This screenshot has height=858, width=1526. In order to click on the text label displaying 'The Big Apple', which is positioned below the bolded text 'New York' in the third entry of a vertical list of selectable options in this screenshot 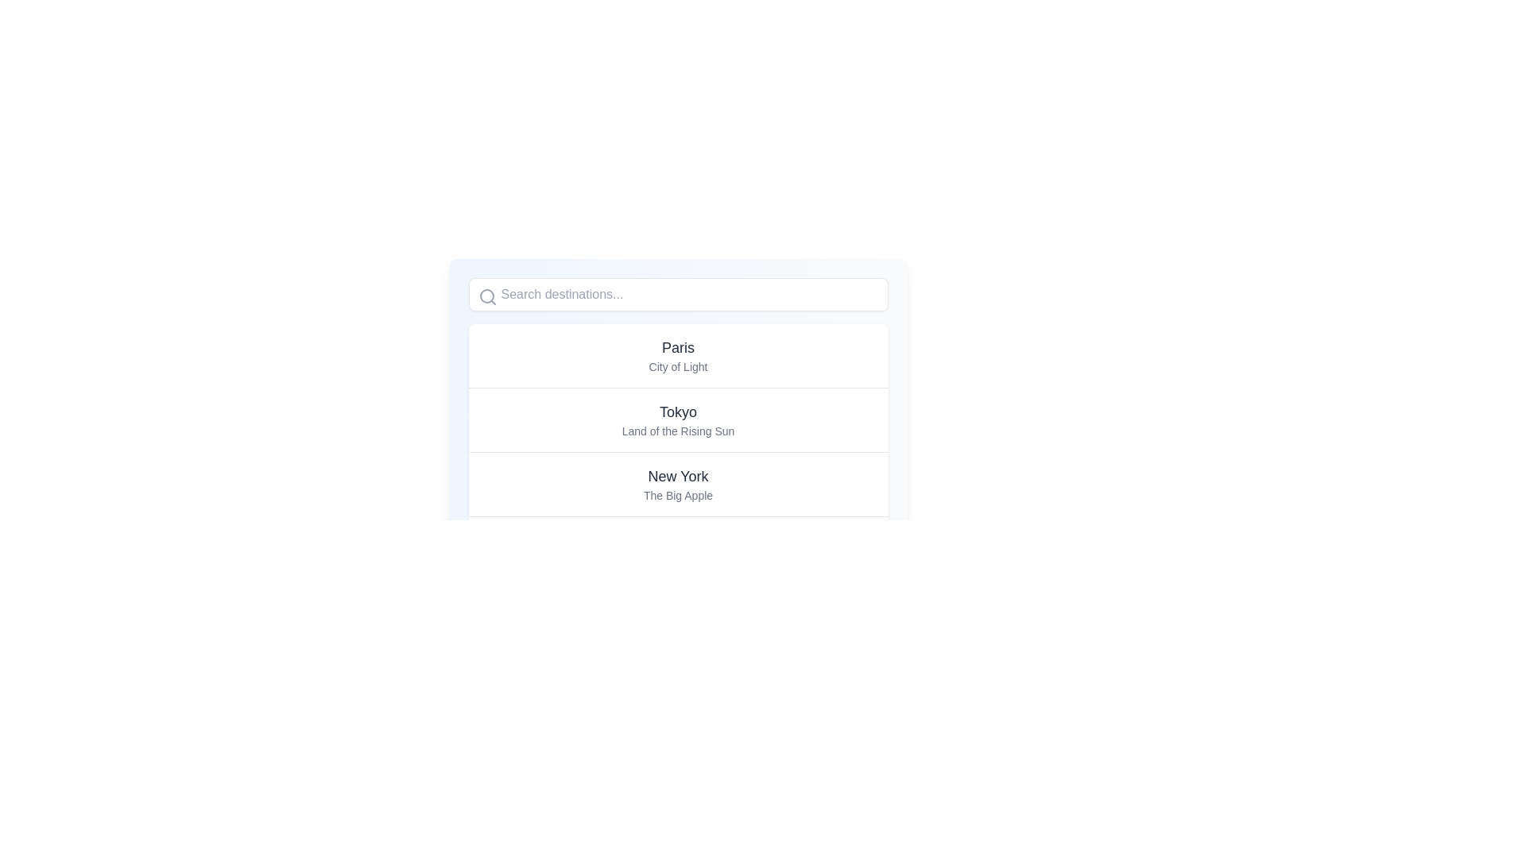, I will do `click(678, 495)`.